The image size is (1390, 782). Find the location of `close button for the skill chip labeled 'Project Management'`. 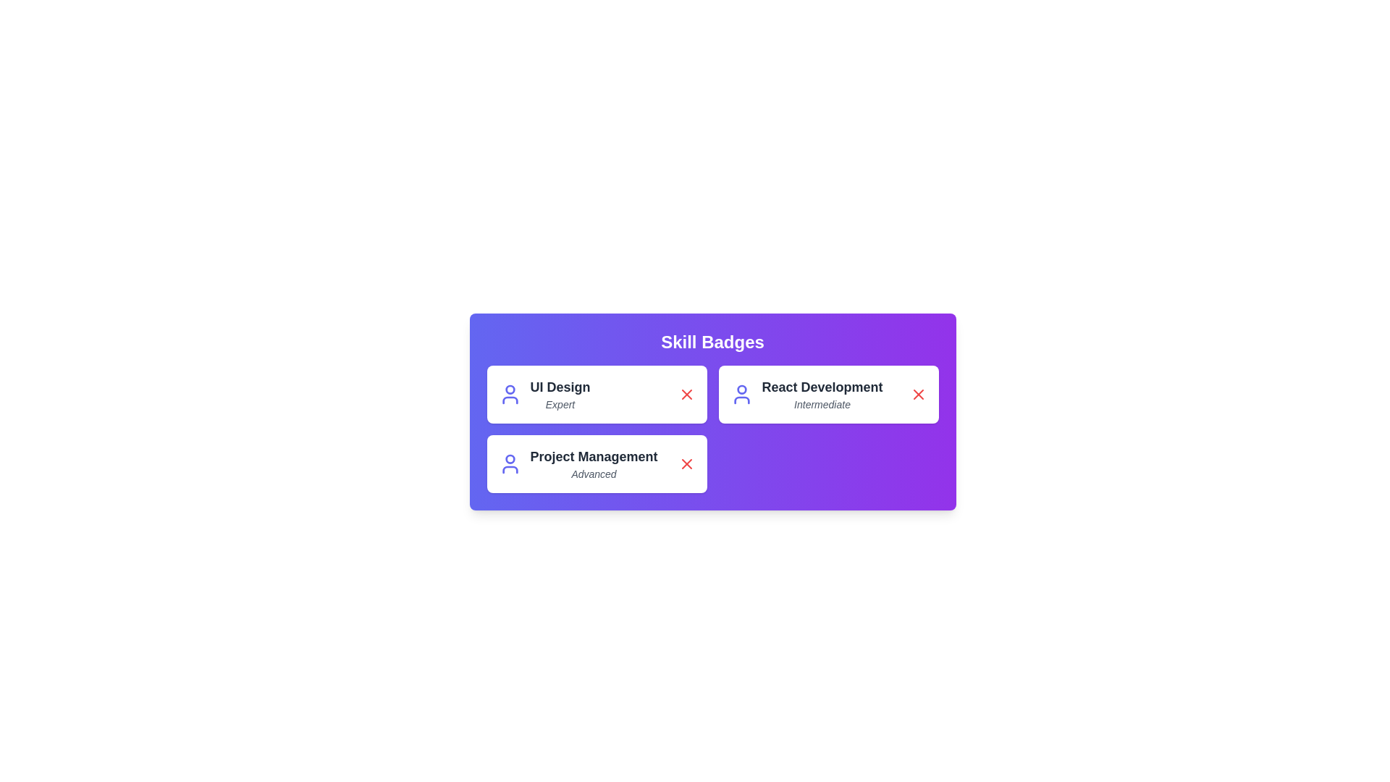

close button for the skill chip labeled 'Project Management' is located at coordinates (686, 463).